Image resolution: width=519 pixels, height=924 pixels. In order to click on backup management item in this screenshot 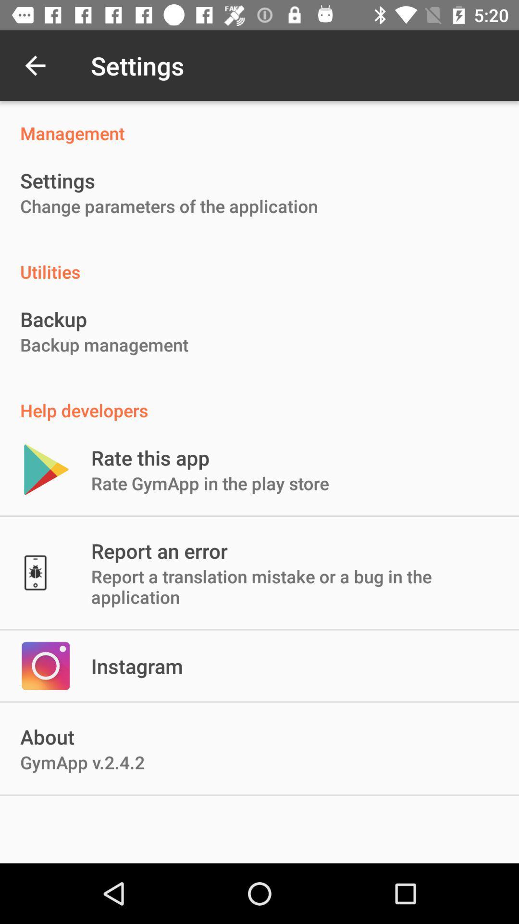, I will do `click(104, 345)`.